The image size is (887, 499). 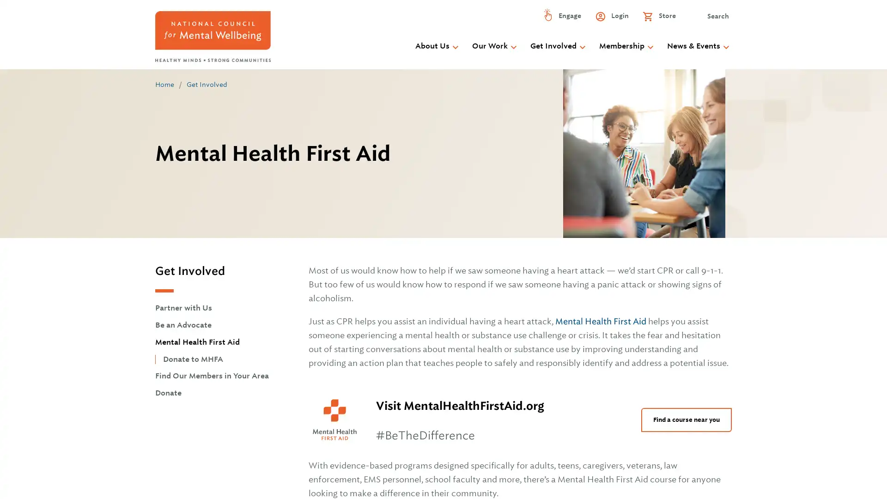 I want to click on Search, so click(x=710, y=17).